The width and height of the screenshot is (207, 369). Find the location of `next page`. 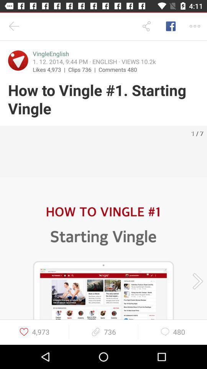

next page is located at coordinates (195, 281).